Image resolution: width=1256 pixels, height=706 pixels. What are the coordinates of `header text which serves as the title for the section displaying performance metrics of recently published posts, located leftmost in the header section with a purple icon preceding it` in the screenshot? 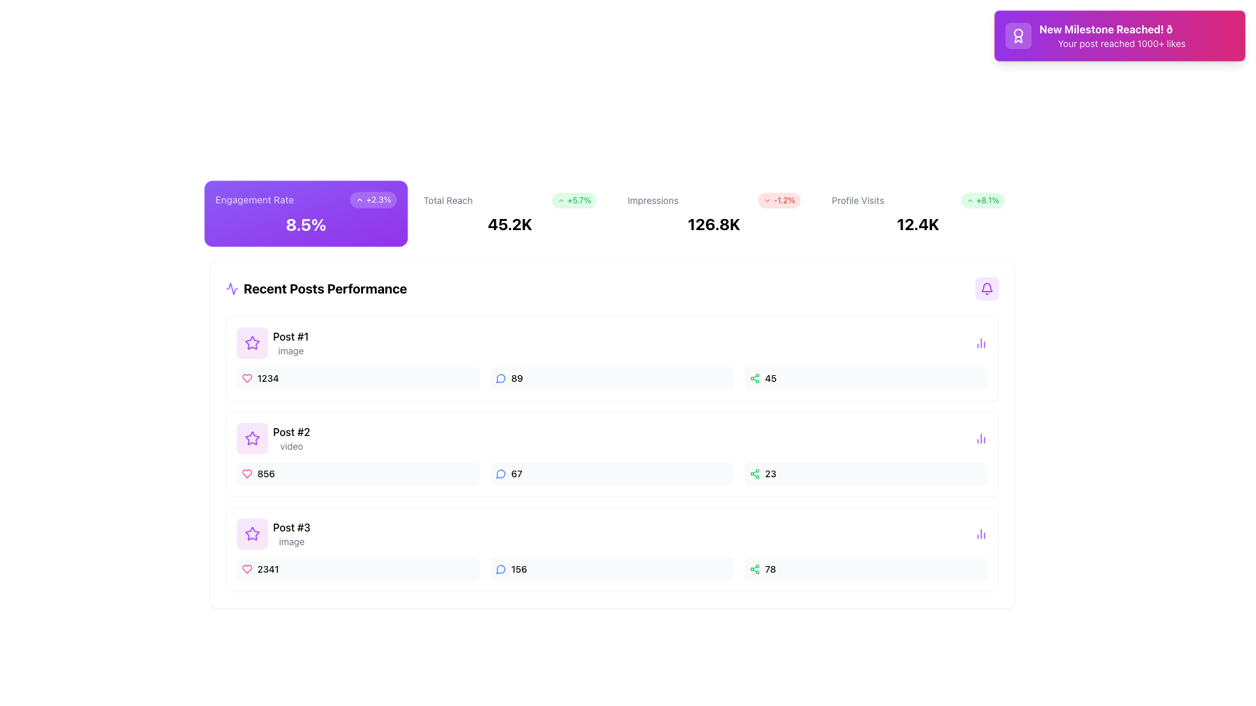 It's located at (316, 288).